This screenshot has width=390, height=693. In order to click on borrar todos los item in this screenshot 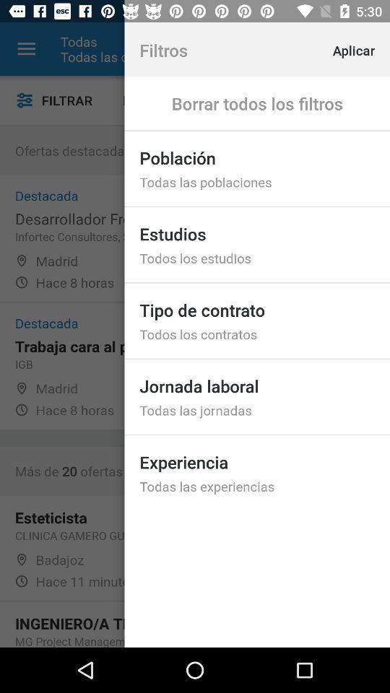, I will do `click(256, 103)`.